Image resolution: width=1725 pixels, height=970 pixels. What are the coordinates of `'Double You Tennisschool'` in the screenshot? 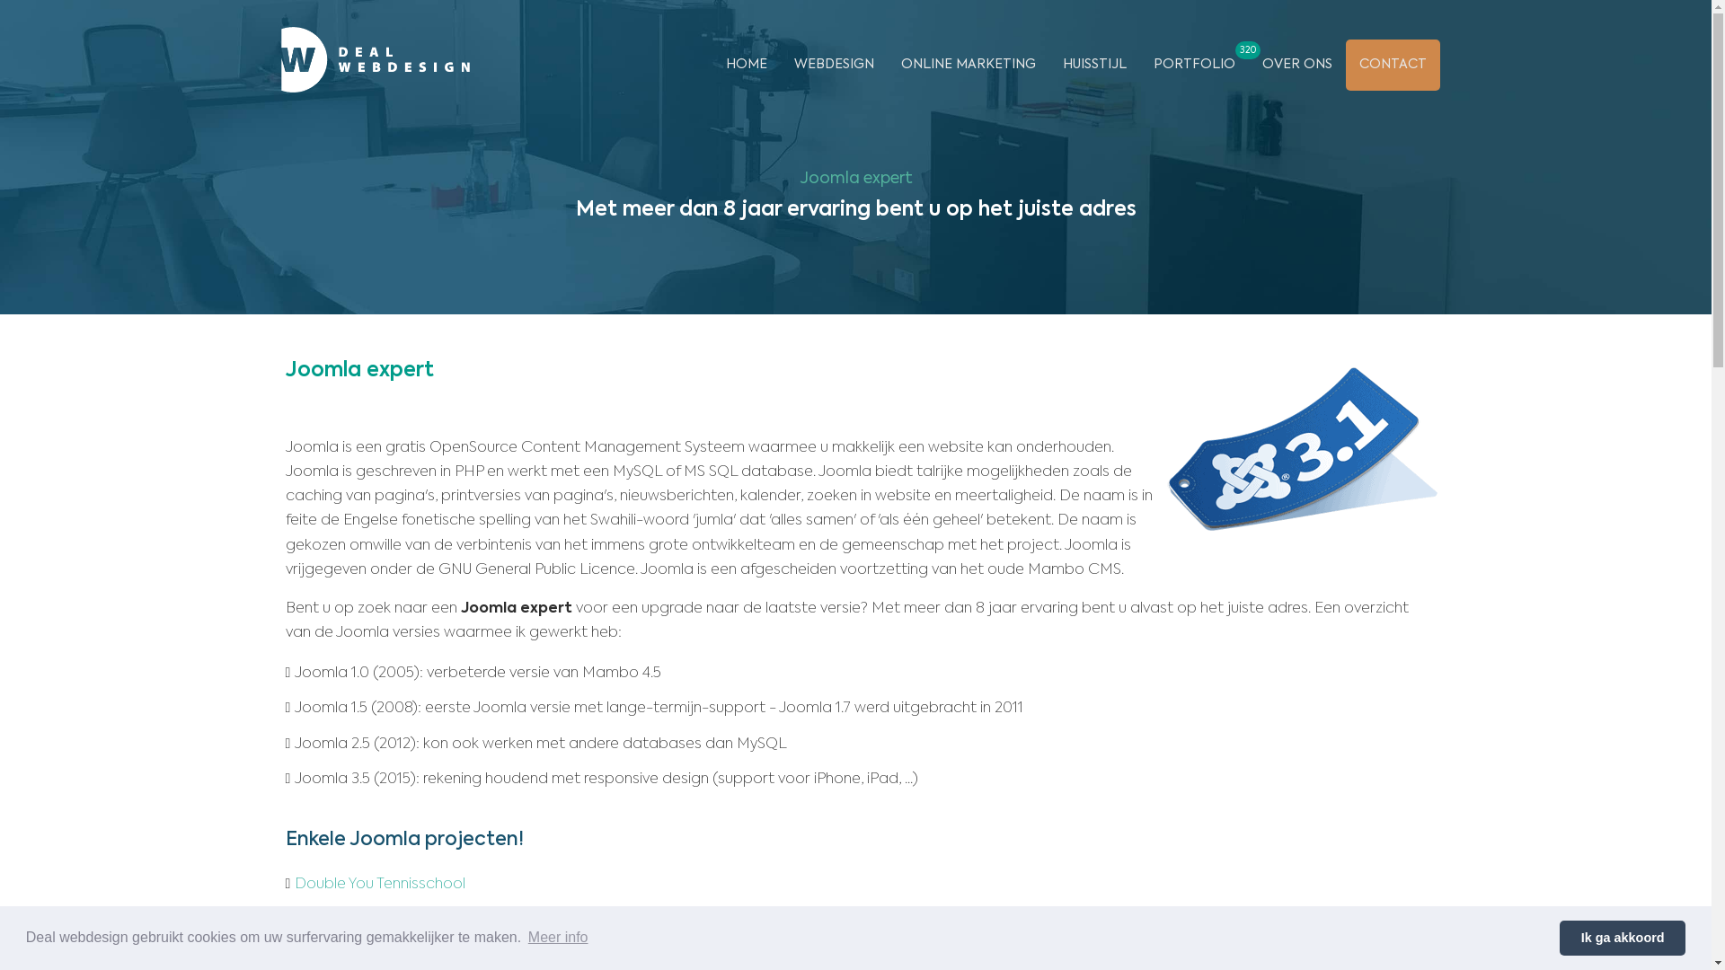 It's located at (294, 883).